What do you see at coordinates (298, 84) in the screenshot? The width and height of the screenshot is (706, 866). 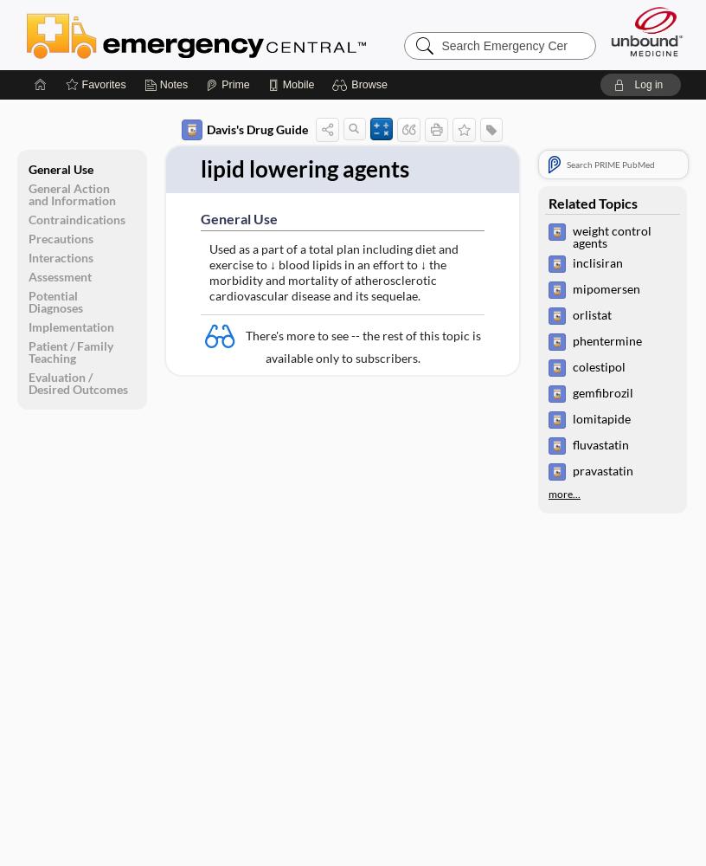 I see `'Mobile'` at bounding box center [298, 84].